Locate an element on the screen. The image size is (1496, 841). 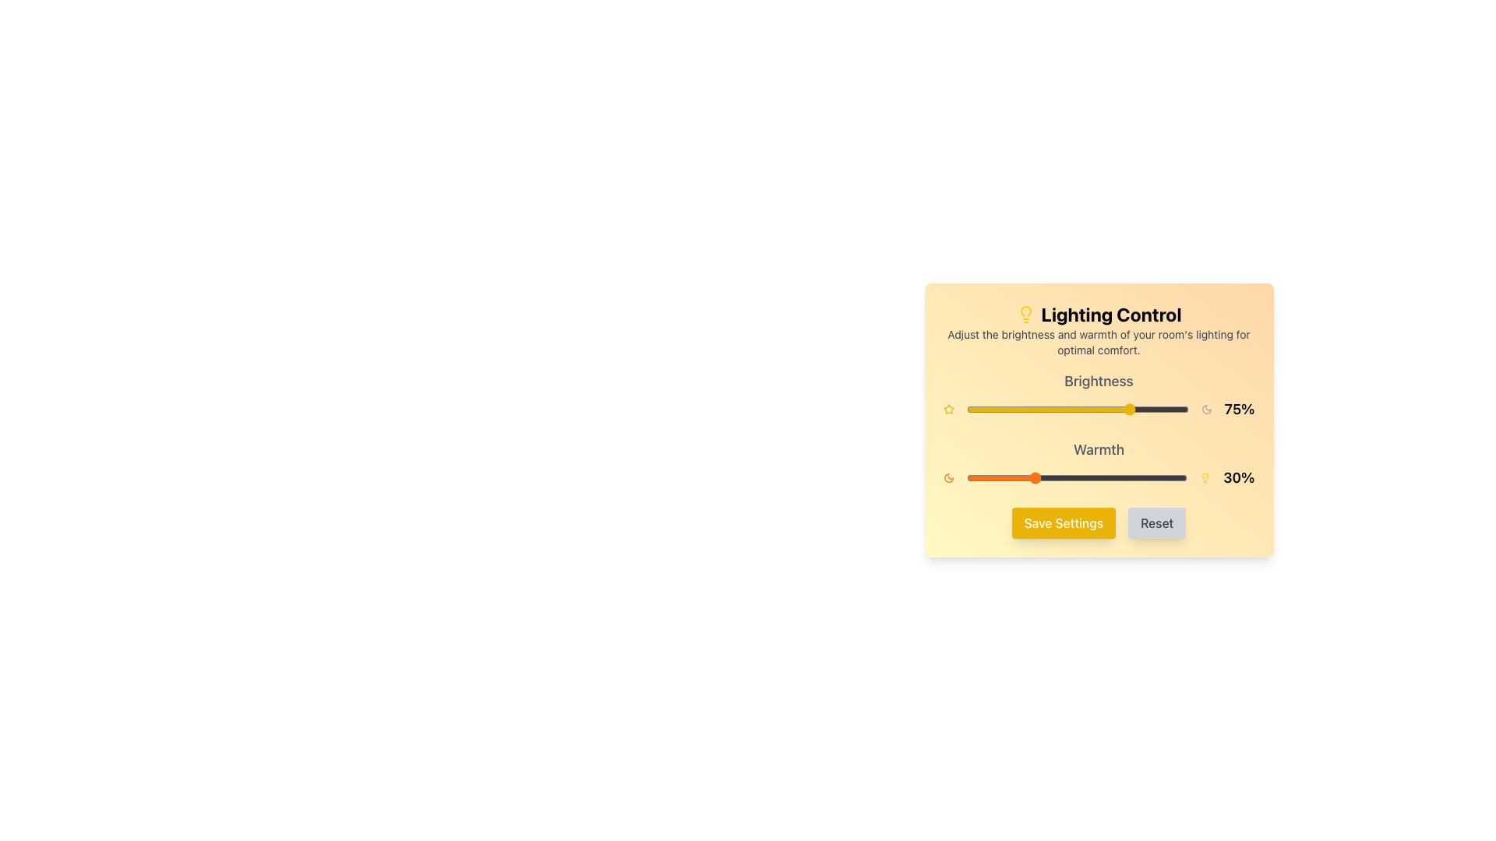
the brightness is located at coordinates (1151, 408).